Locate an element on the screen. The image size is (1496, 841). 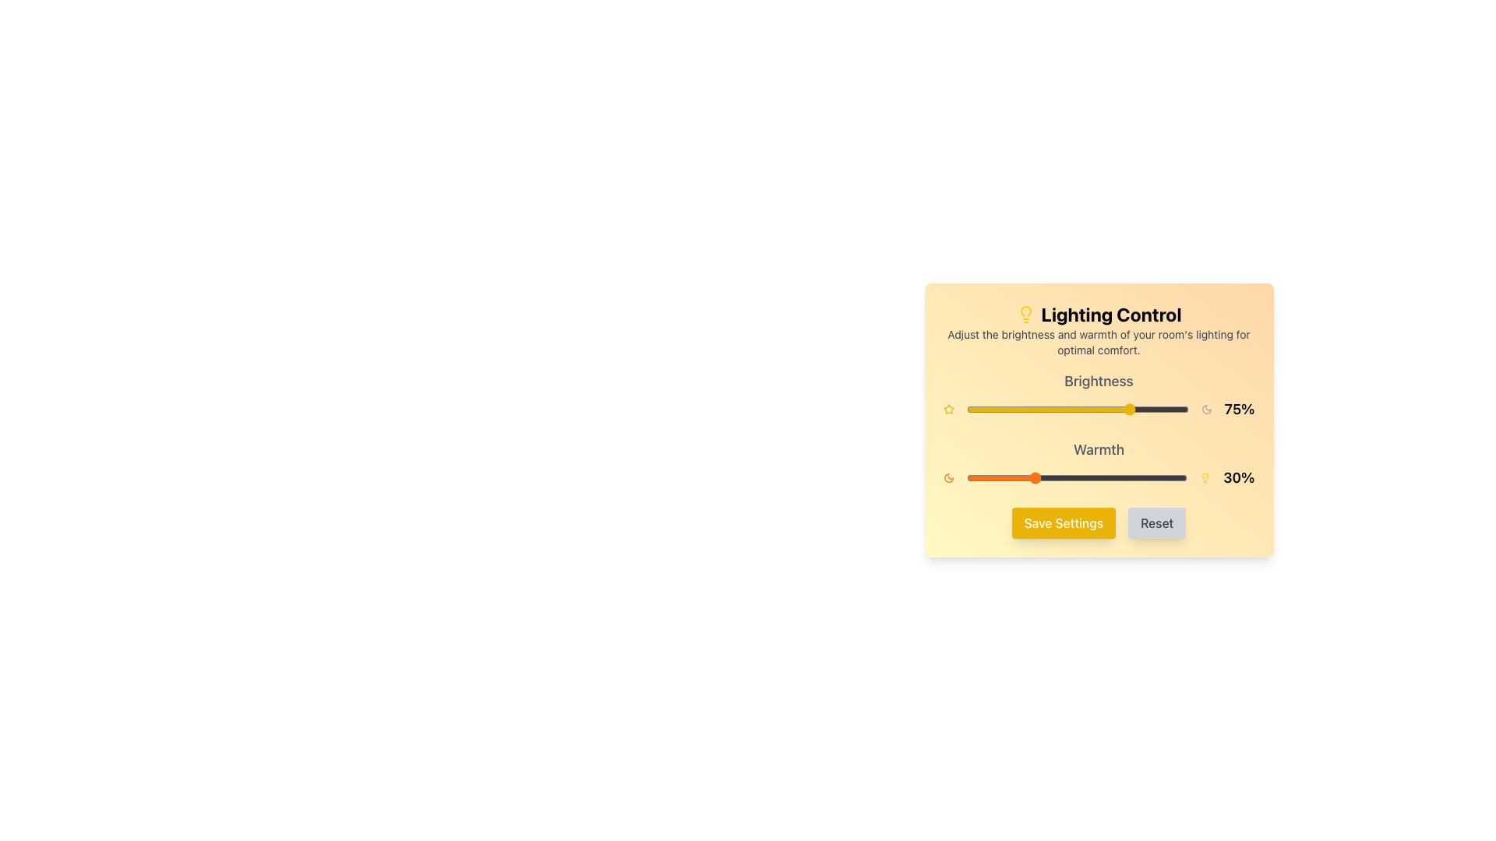
the brightness is located at coordinates (1151, 408).